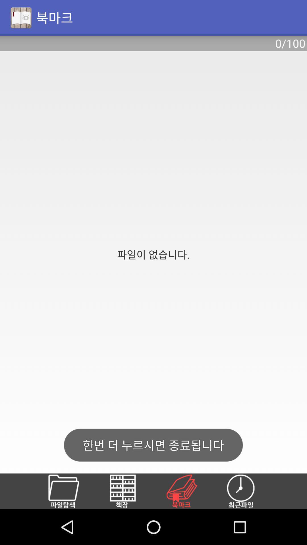 This screenshot has height=545, width=307. What do you see at coordinates (70, 491) in the screenshot?
I see `my files` at bounding box center [70, 491].